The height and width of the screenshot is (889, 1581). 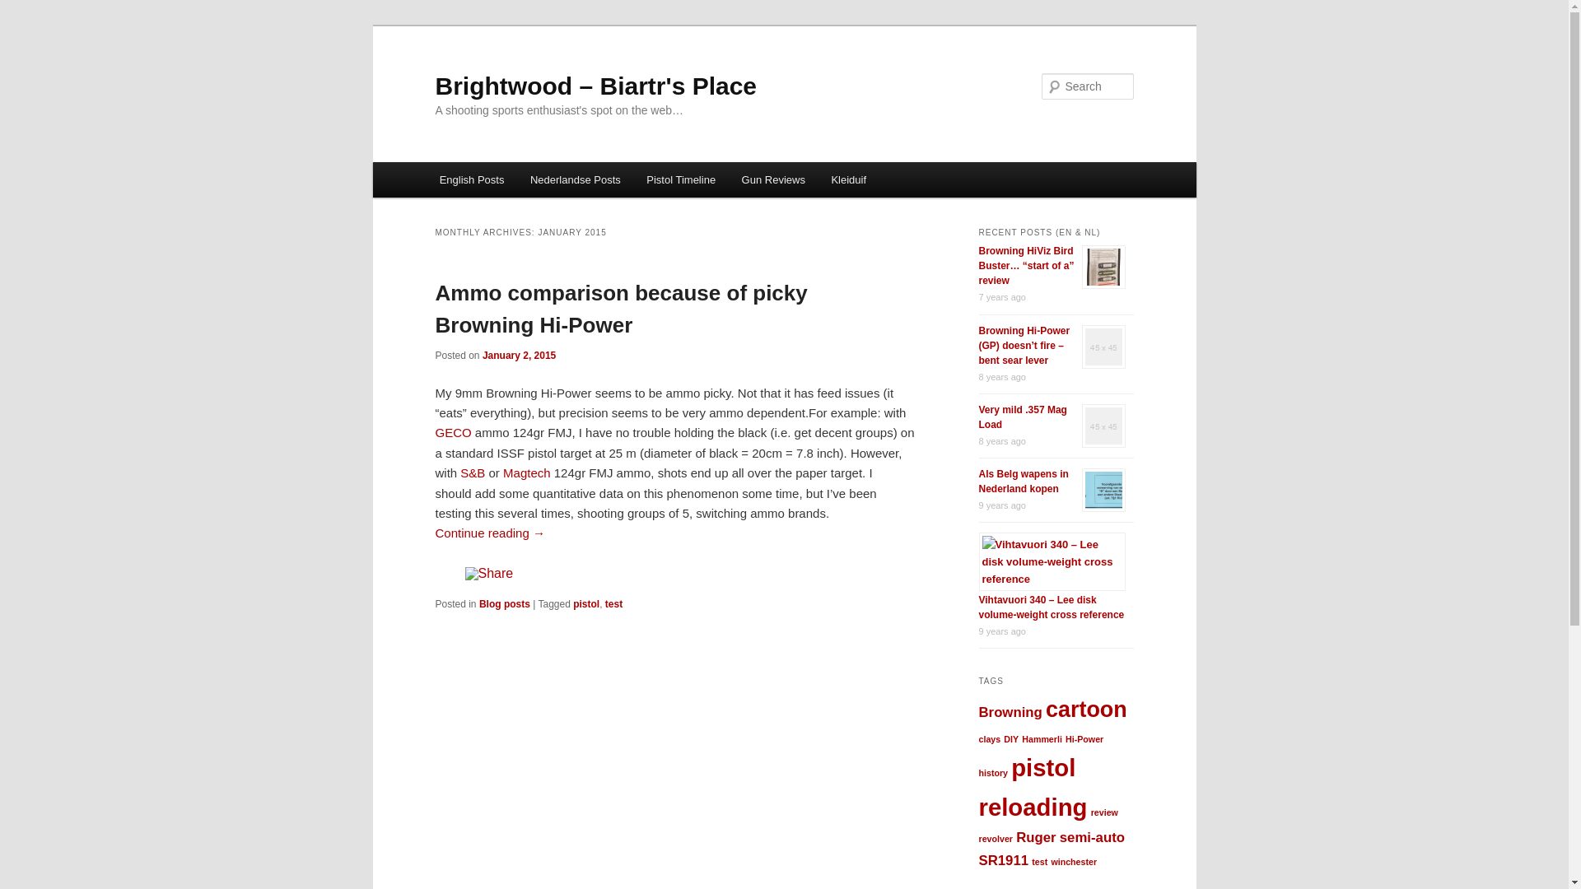 What do you see at coordinates (1022, 482) in the screenshot?
I see `'Als Belg wapens in Nederland kopen'` at bounding box center [1022, 482].